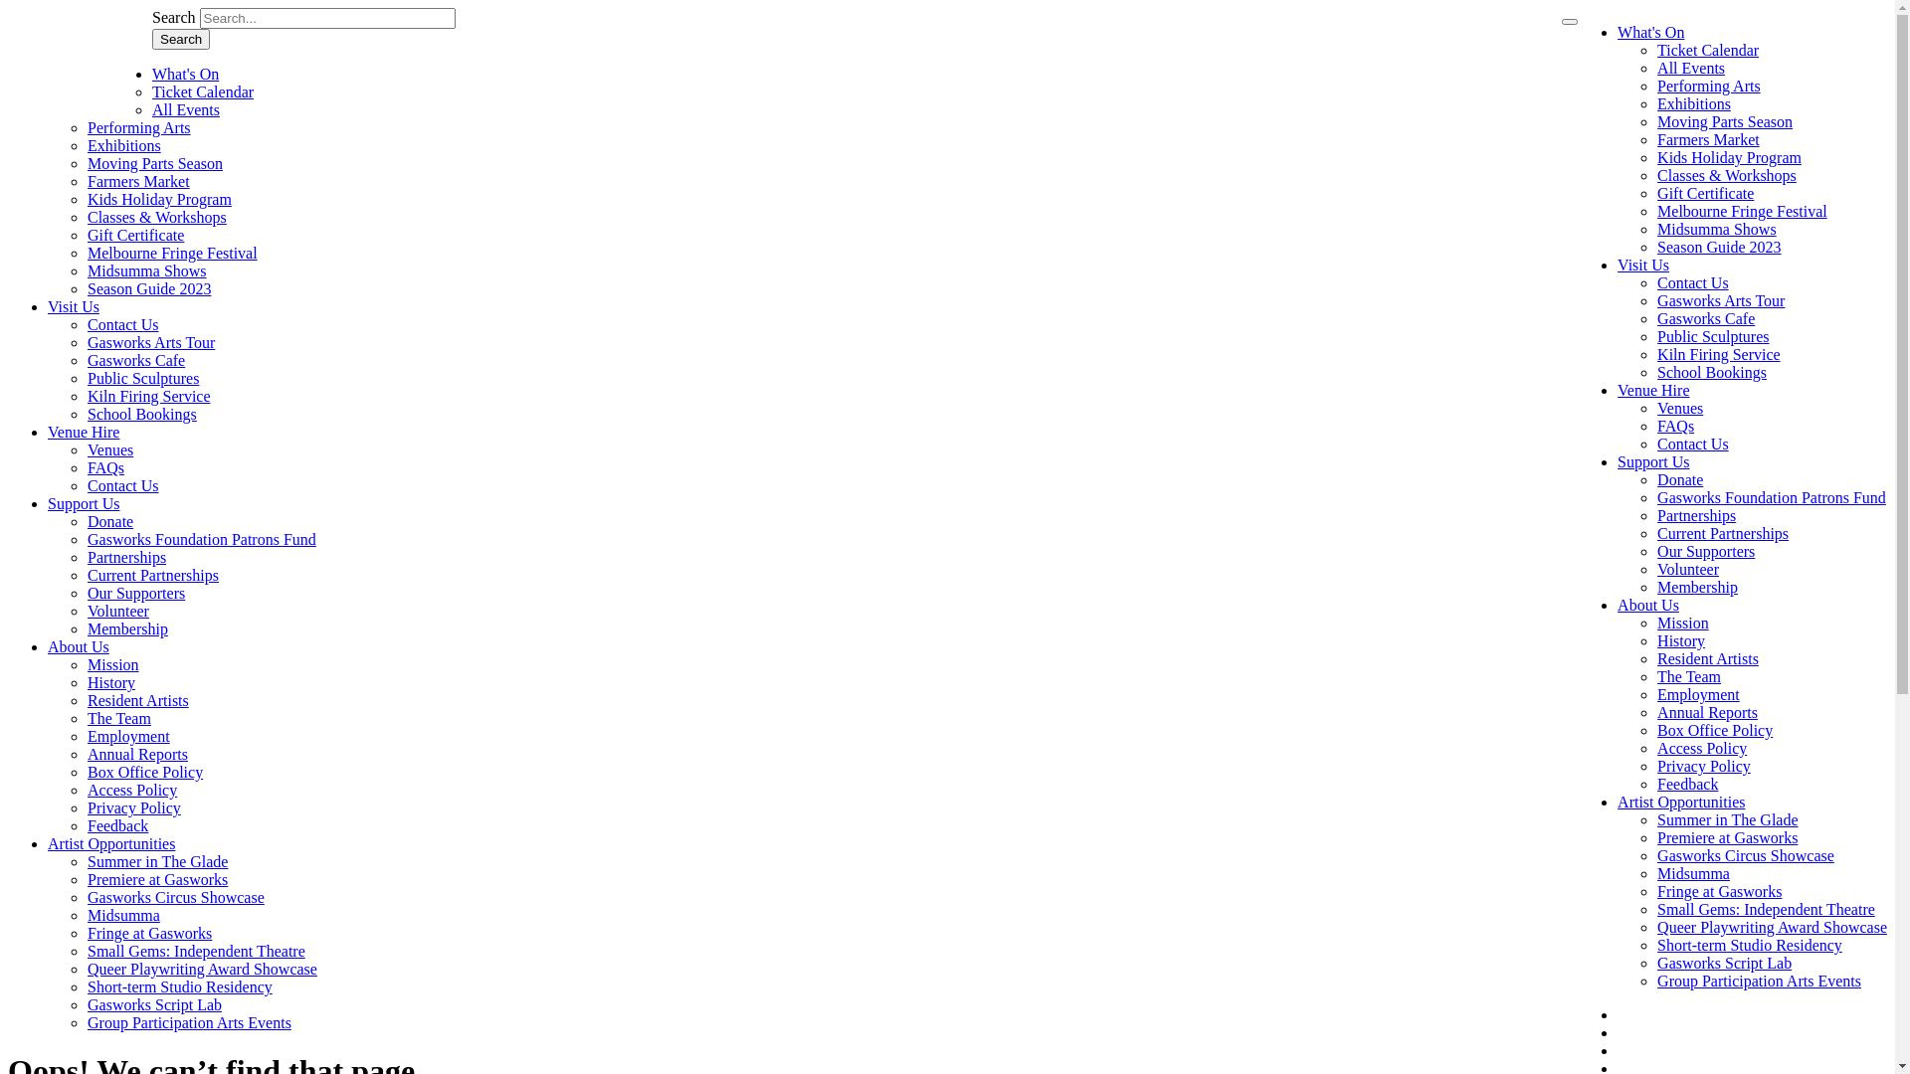 The width and height of the screenshot is (1910, 1074). Describe the element at coordinates (1719, 300) in the screenshot. I see `'Gasworks Arts Tour'` at that location.